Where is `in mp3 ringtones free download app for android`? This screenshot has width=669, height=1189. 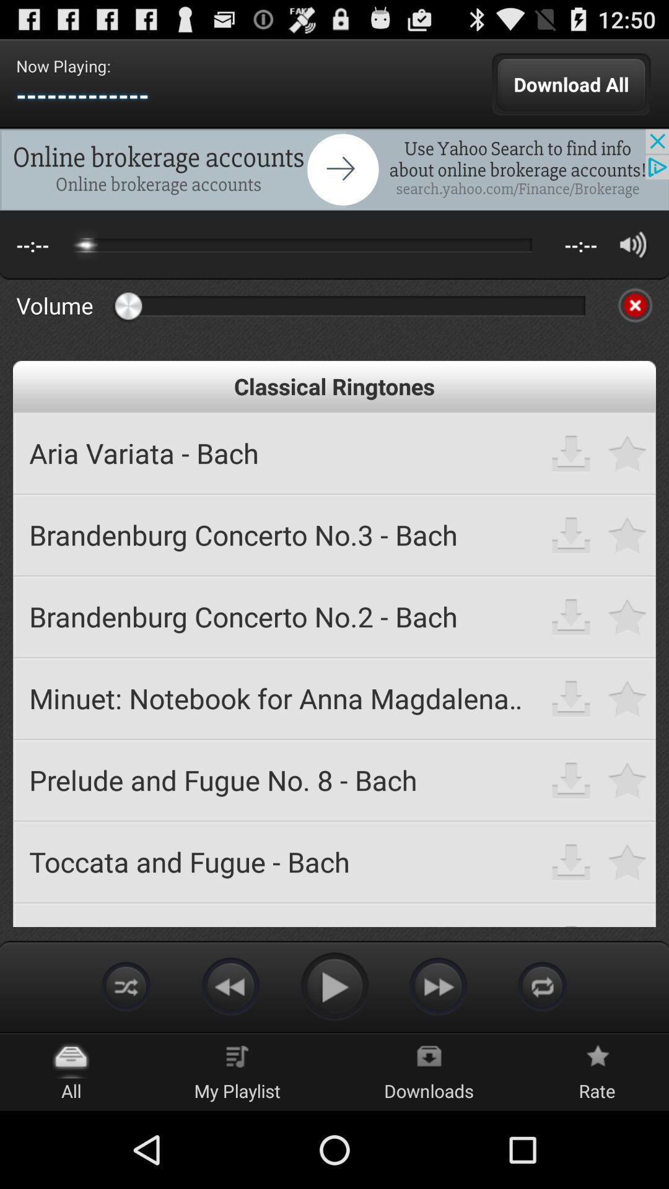 in mp3 ringtones free download app for android is located at coordinates (438, 985).